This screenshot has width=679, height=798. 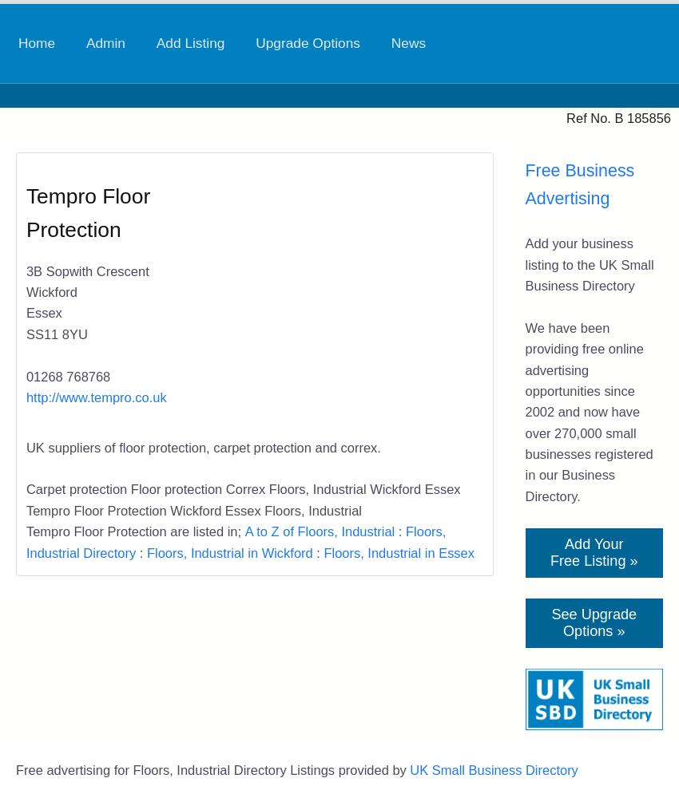 I want to click on 'We have been providing free online advertising opportunities since 2002 and now have over 270,000 small businesses registered in our Business Directory.', so click(x=589, y=411).